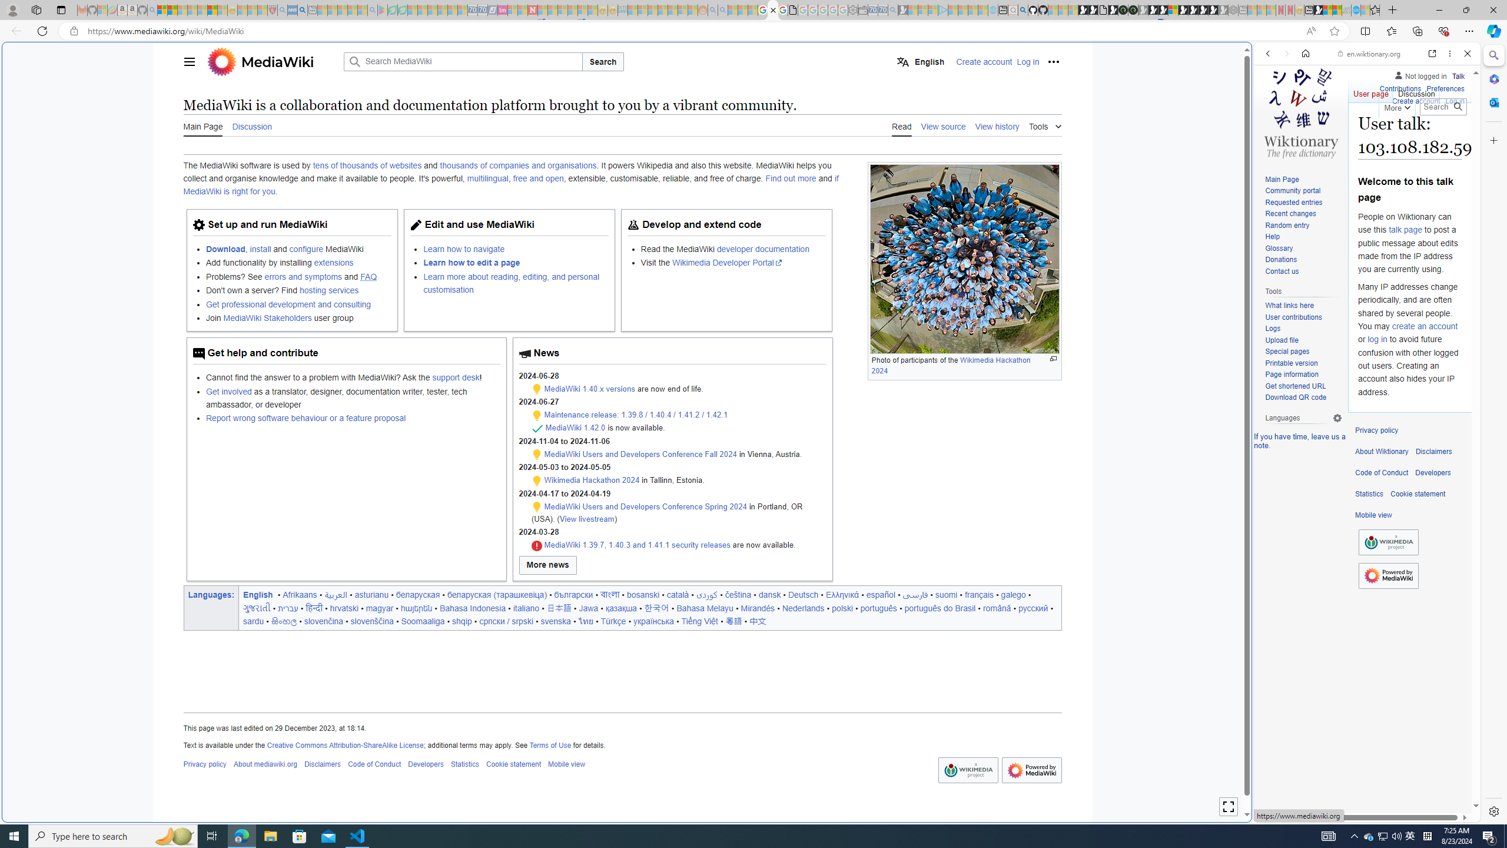 The image size is (1507, 848). Describe the element at coordinates (1281, 340) in the screenshot. I see `'Upload file'` at that location.